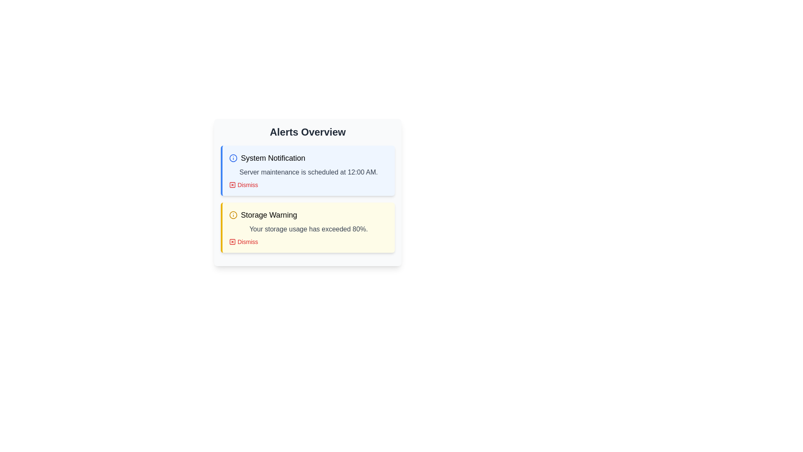  Describe the element at coordinates (308, 229) in the screenshot. I see `the static text message that reads 'Your storage usage has exceeded 80%' within the 'Storage Warning' notification card` at that location.